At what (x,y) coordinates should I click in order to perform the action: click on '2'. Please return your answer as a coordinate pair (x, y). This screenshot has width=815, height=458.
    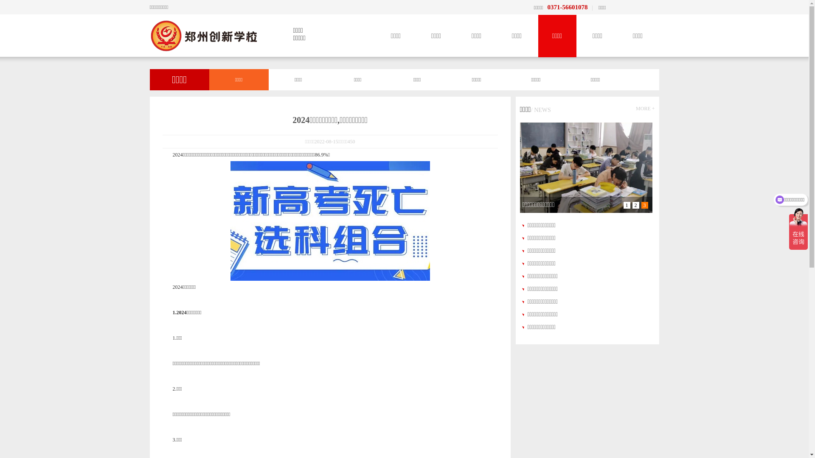
    Looking at the image, I should click on (635, 205).